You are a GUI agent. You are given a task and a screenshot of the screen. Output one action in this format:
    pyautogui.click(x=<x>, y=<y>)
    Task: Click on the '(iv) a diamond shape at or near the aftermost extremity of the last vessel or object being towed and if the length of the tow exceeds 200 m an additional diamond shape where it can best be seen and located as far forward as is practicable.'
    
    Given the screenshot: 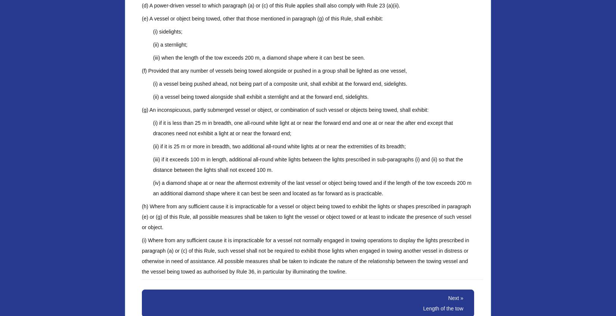 What is the action you would take?
    pyautogui.click(x=312, y=188)
    